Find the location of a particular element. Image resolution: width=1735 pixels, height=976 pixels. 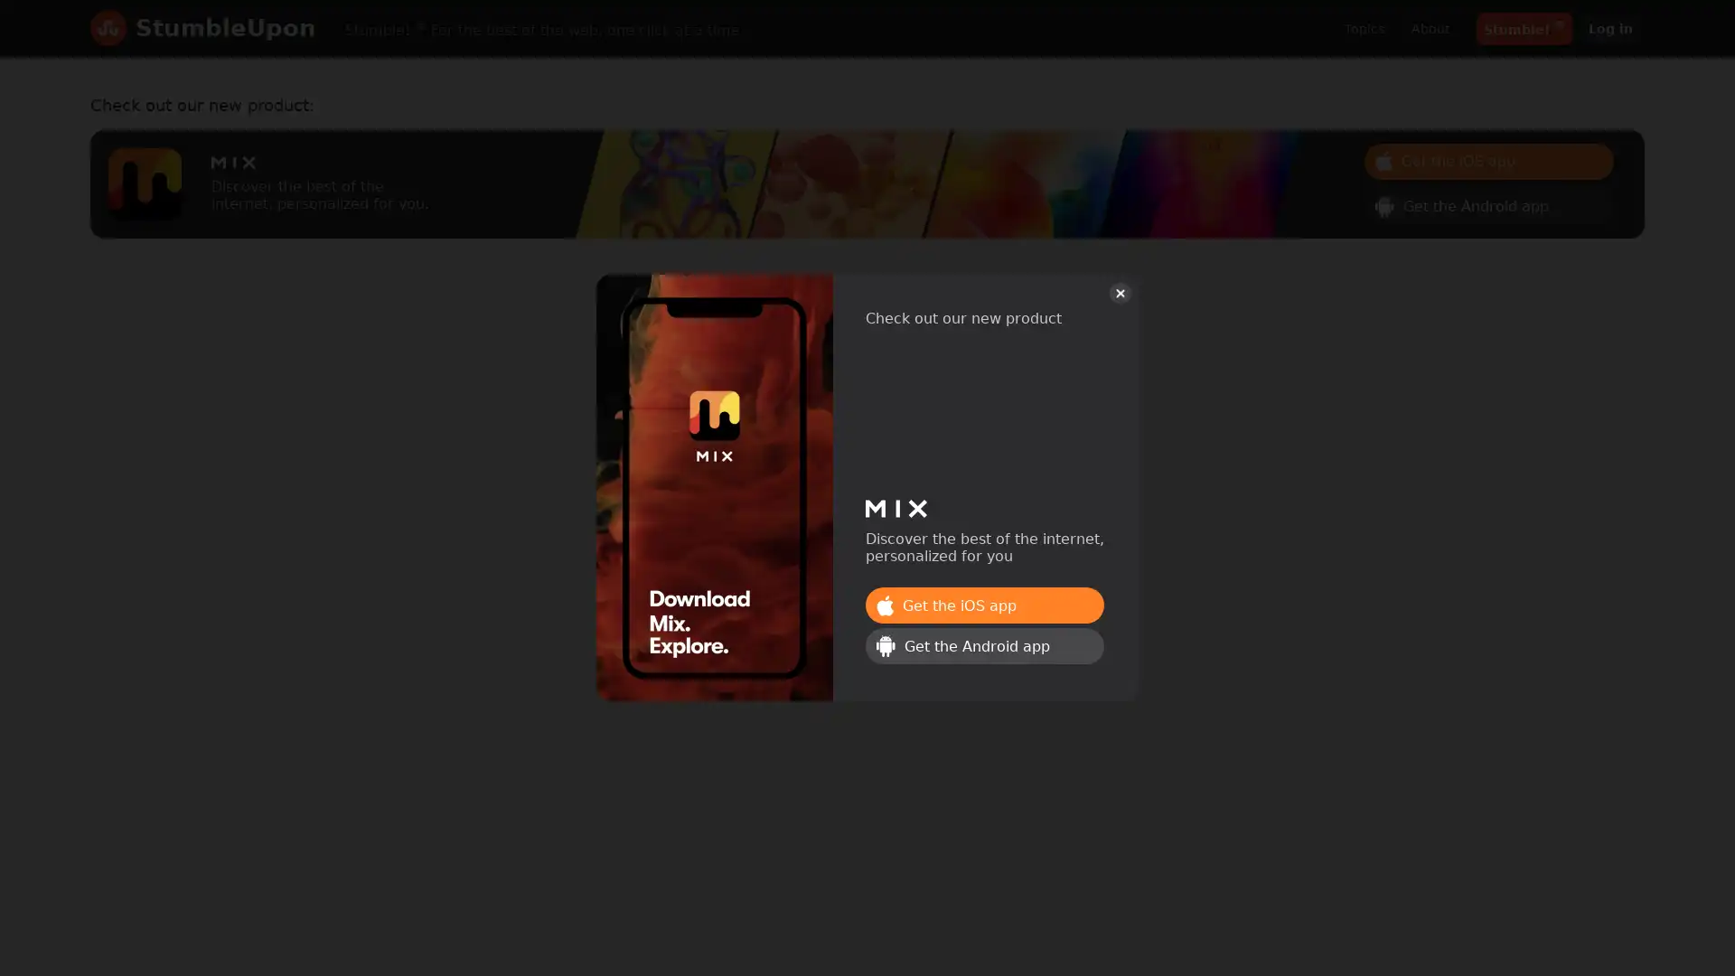

Header Image 1 Get the Android app is located at coordinates (1488, 204).